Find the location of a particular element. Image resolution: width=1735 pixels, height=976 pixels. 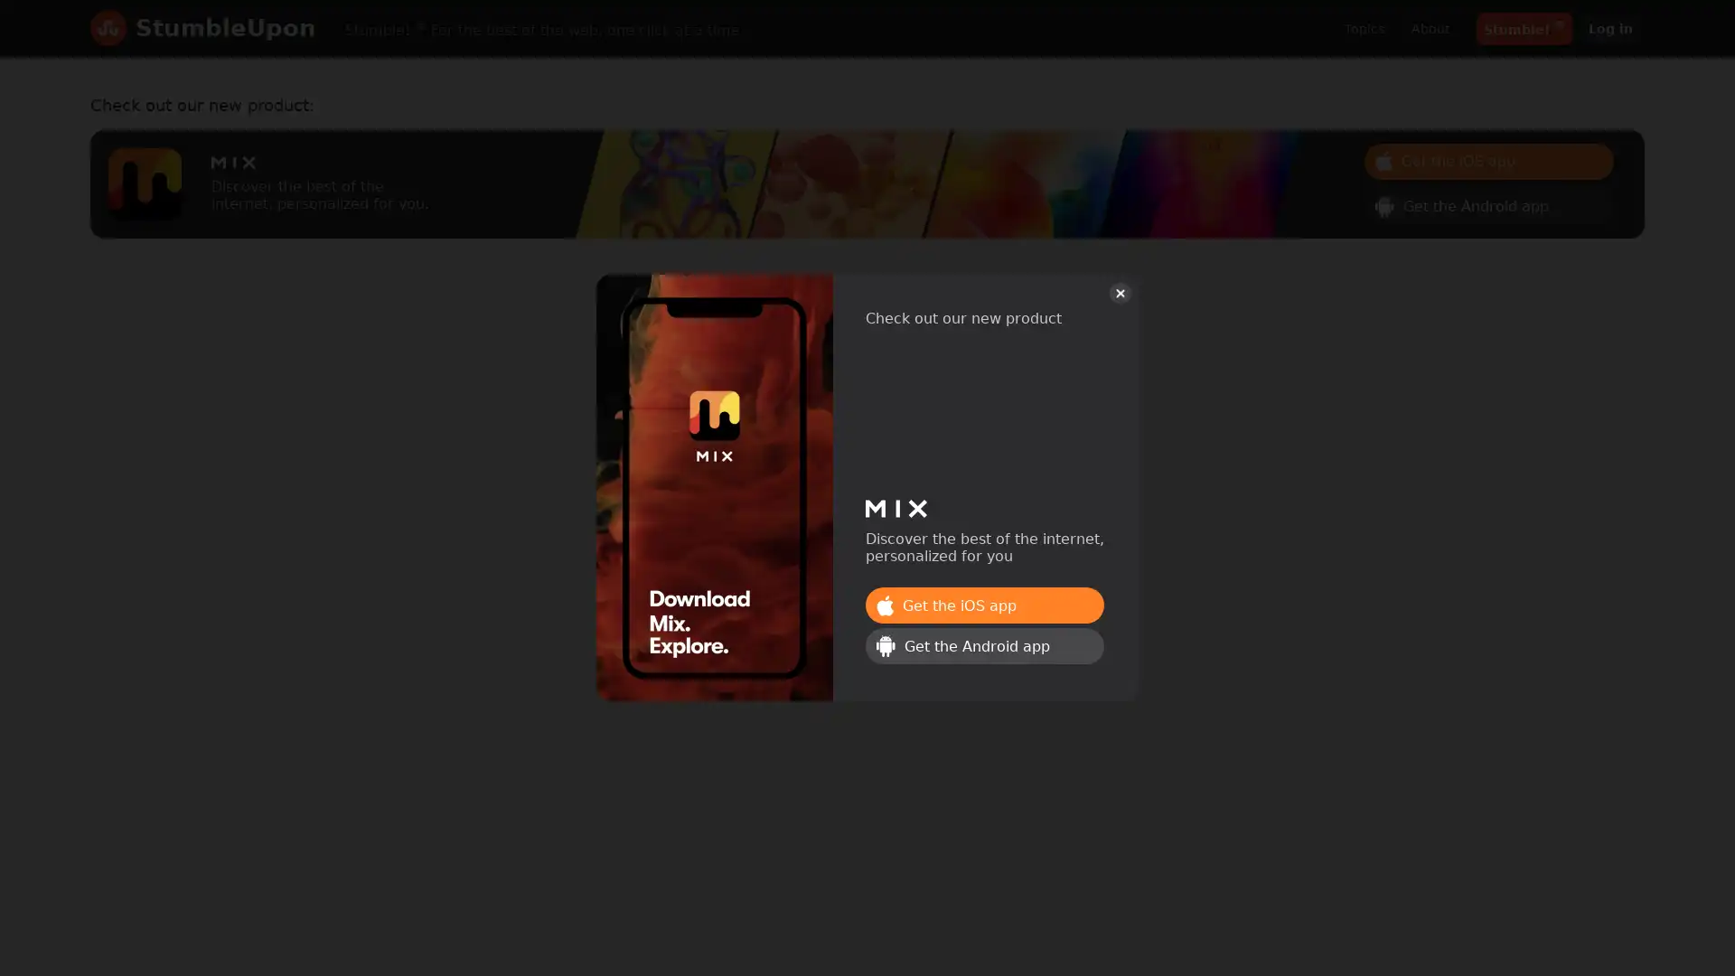

Header Image 1 Get the Android app is located at coordinates (1488, 204).